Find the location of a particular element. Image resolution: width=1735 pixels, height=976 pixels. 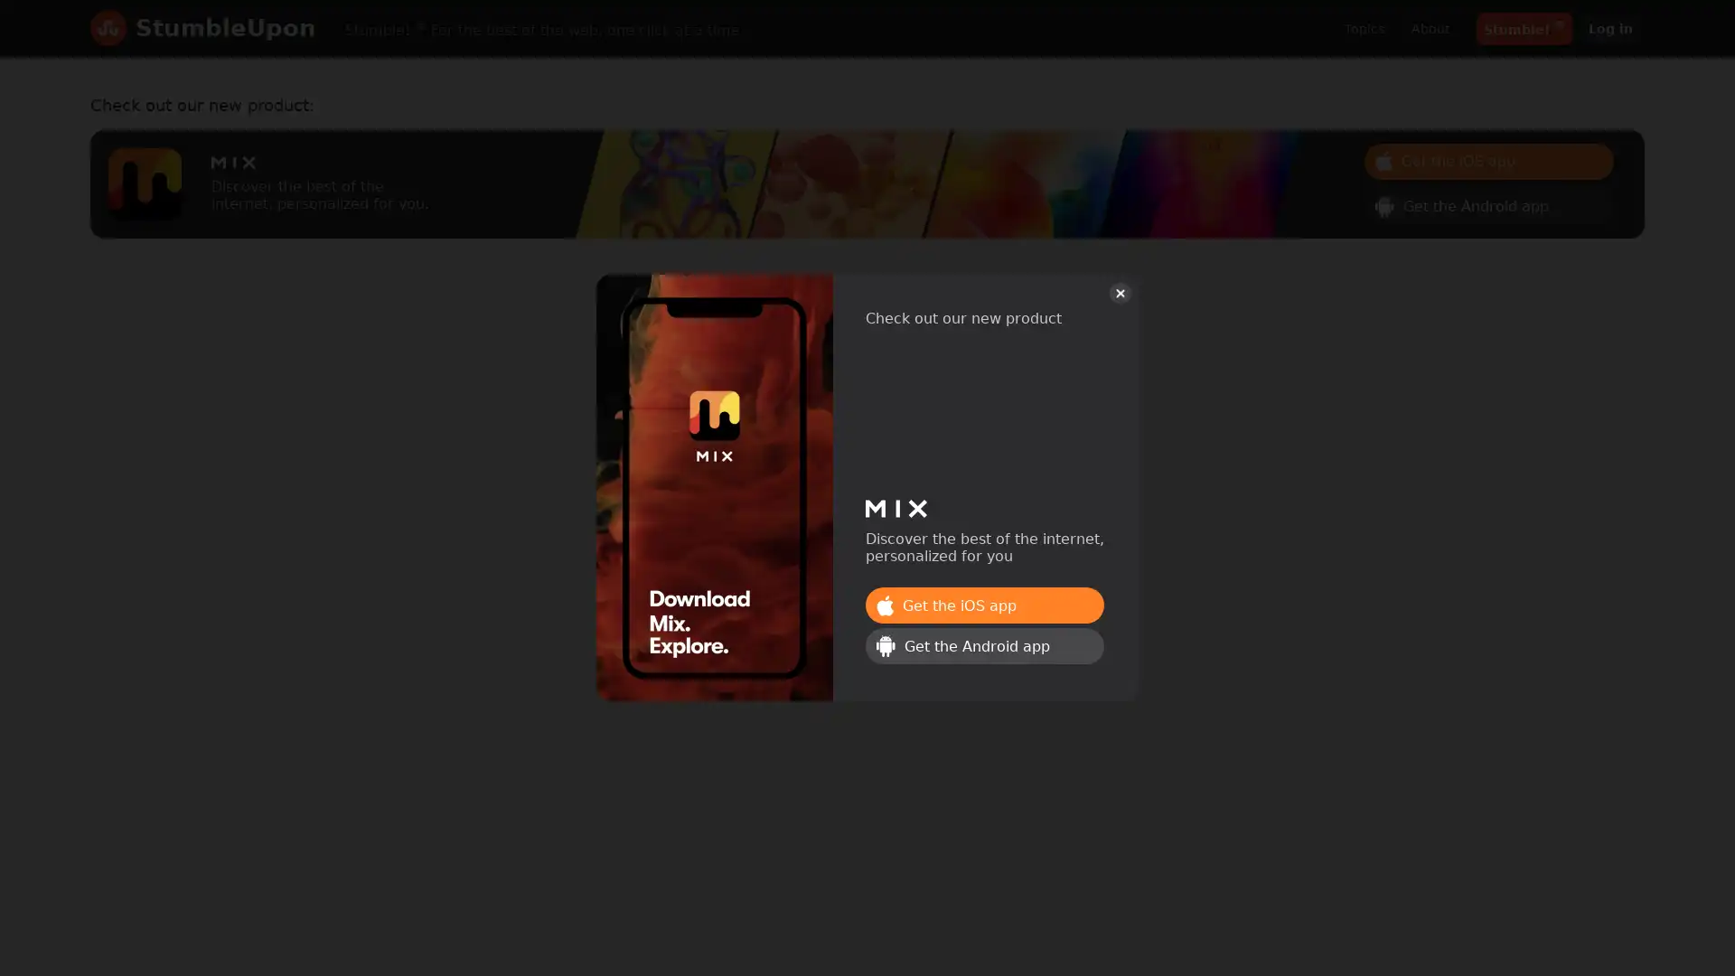

Header Image 1 Get the Android app is located at coordinates (1488, 204).